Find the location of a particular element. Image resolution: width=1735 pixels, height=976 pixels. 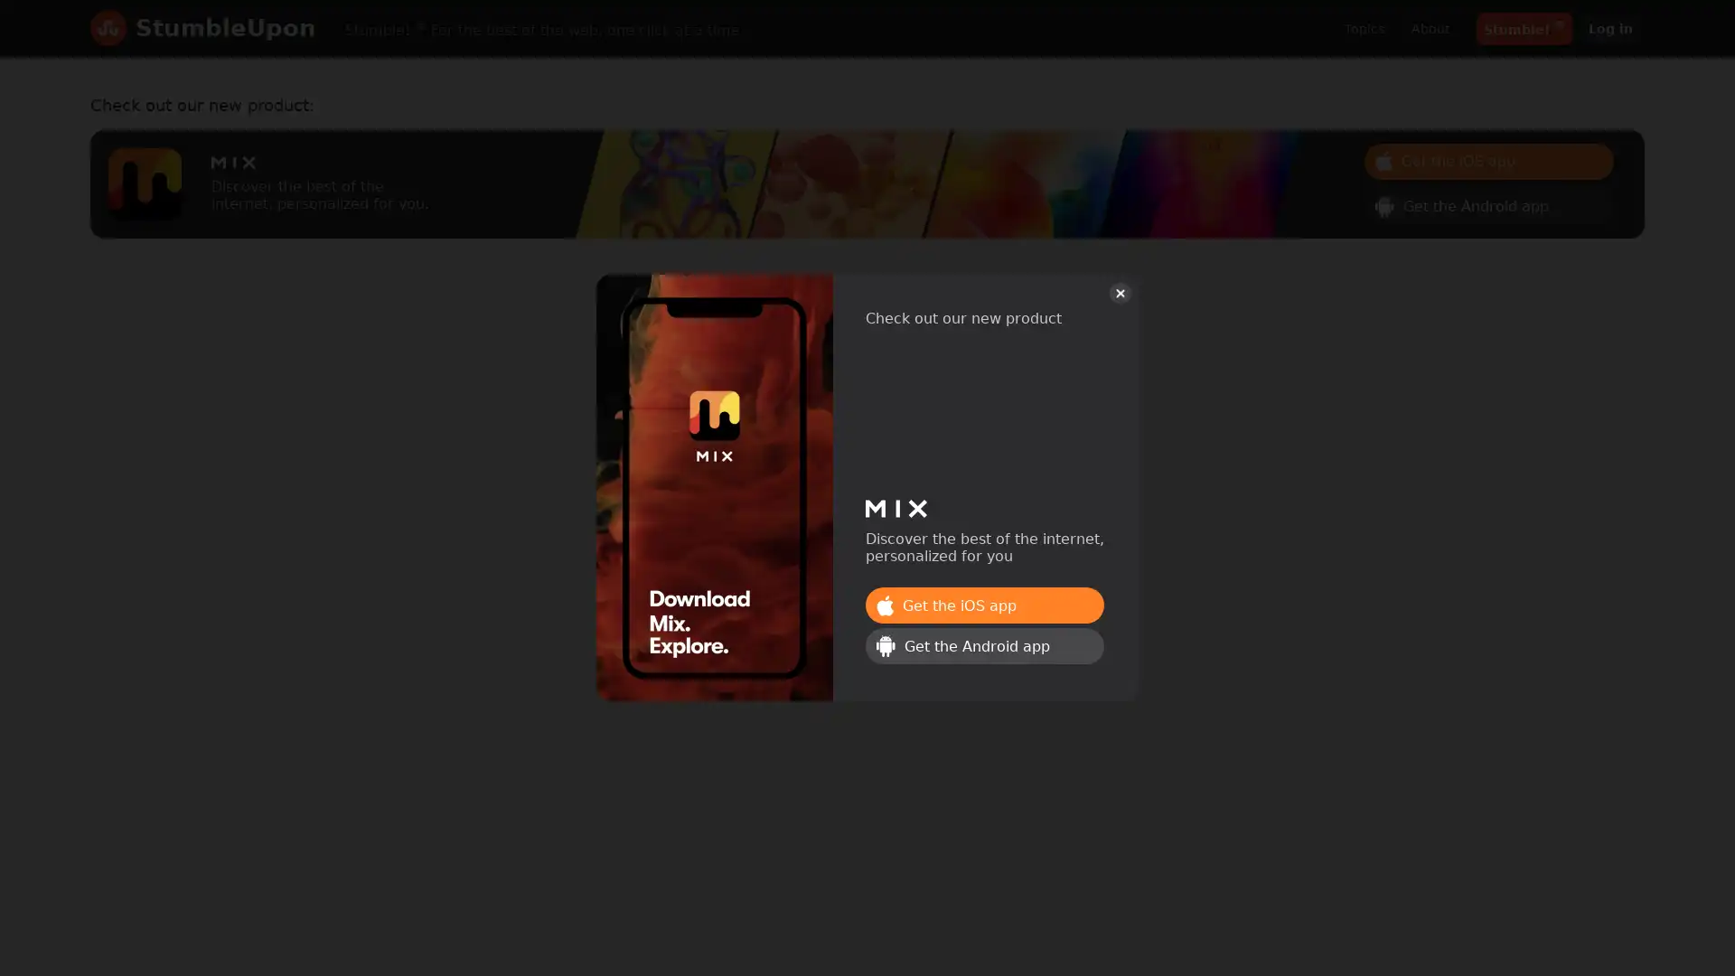

Header Image 1 Get the Android app is located at coordinates (1488, 204).